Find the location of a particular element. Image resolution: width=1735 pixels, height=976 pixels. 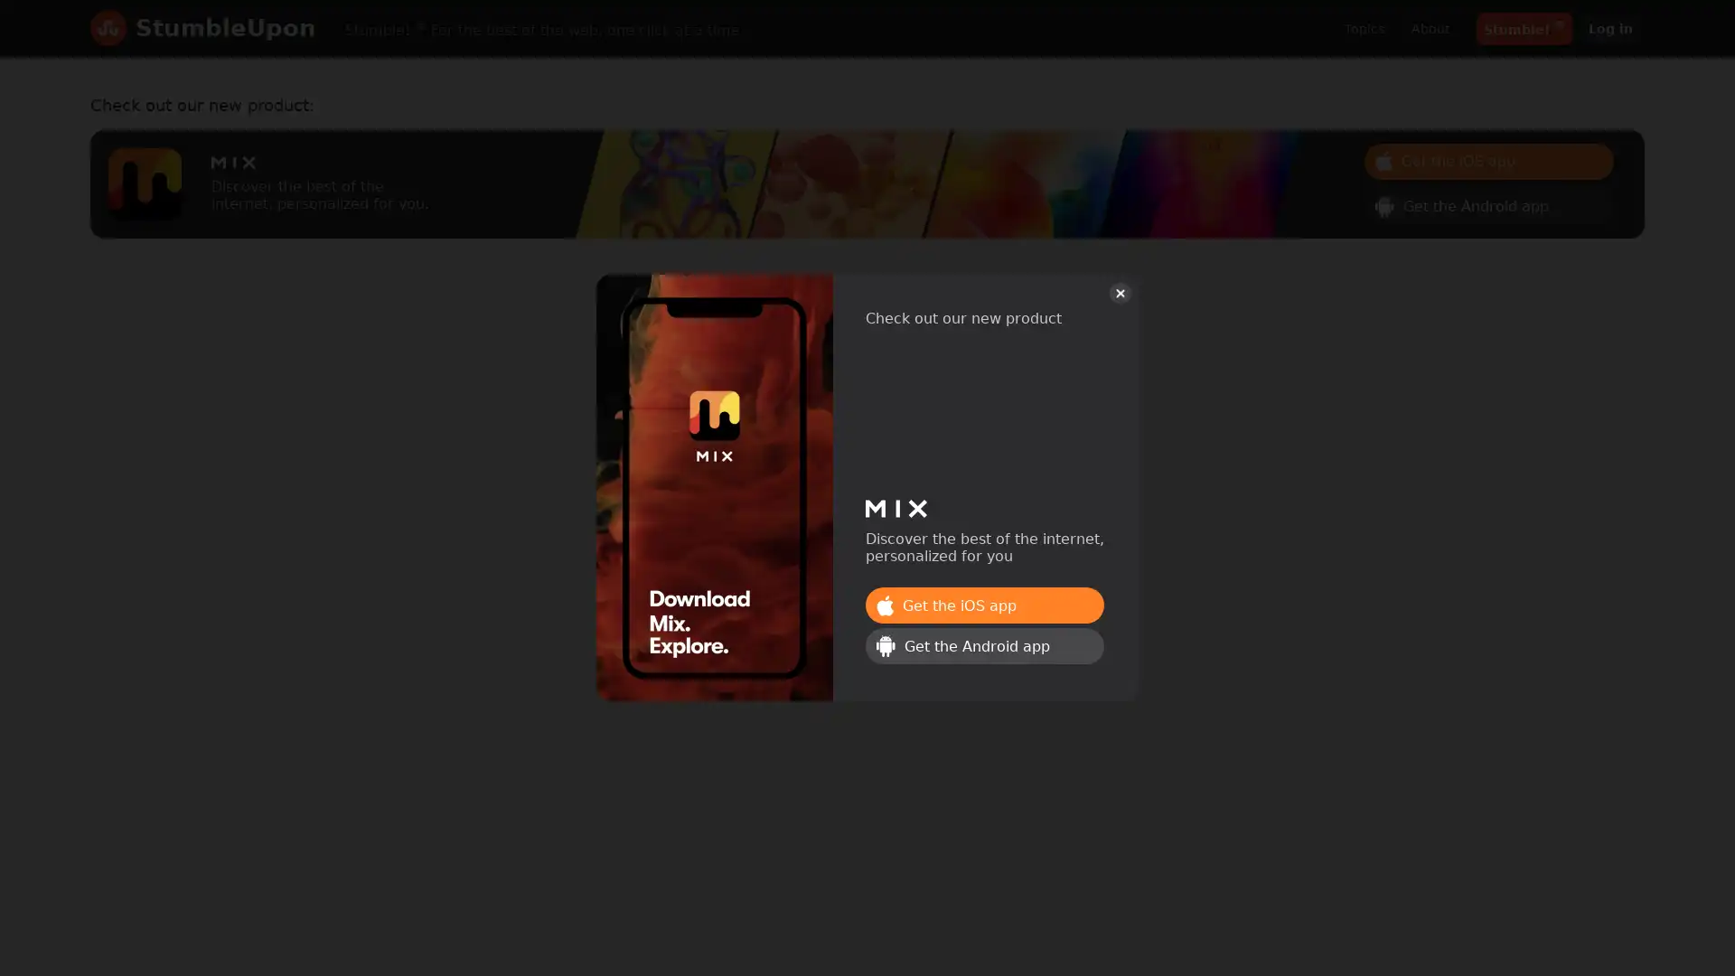

Header Image 1 Get the Android app is located at coordinates (1488, 204).